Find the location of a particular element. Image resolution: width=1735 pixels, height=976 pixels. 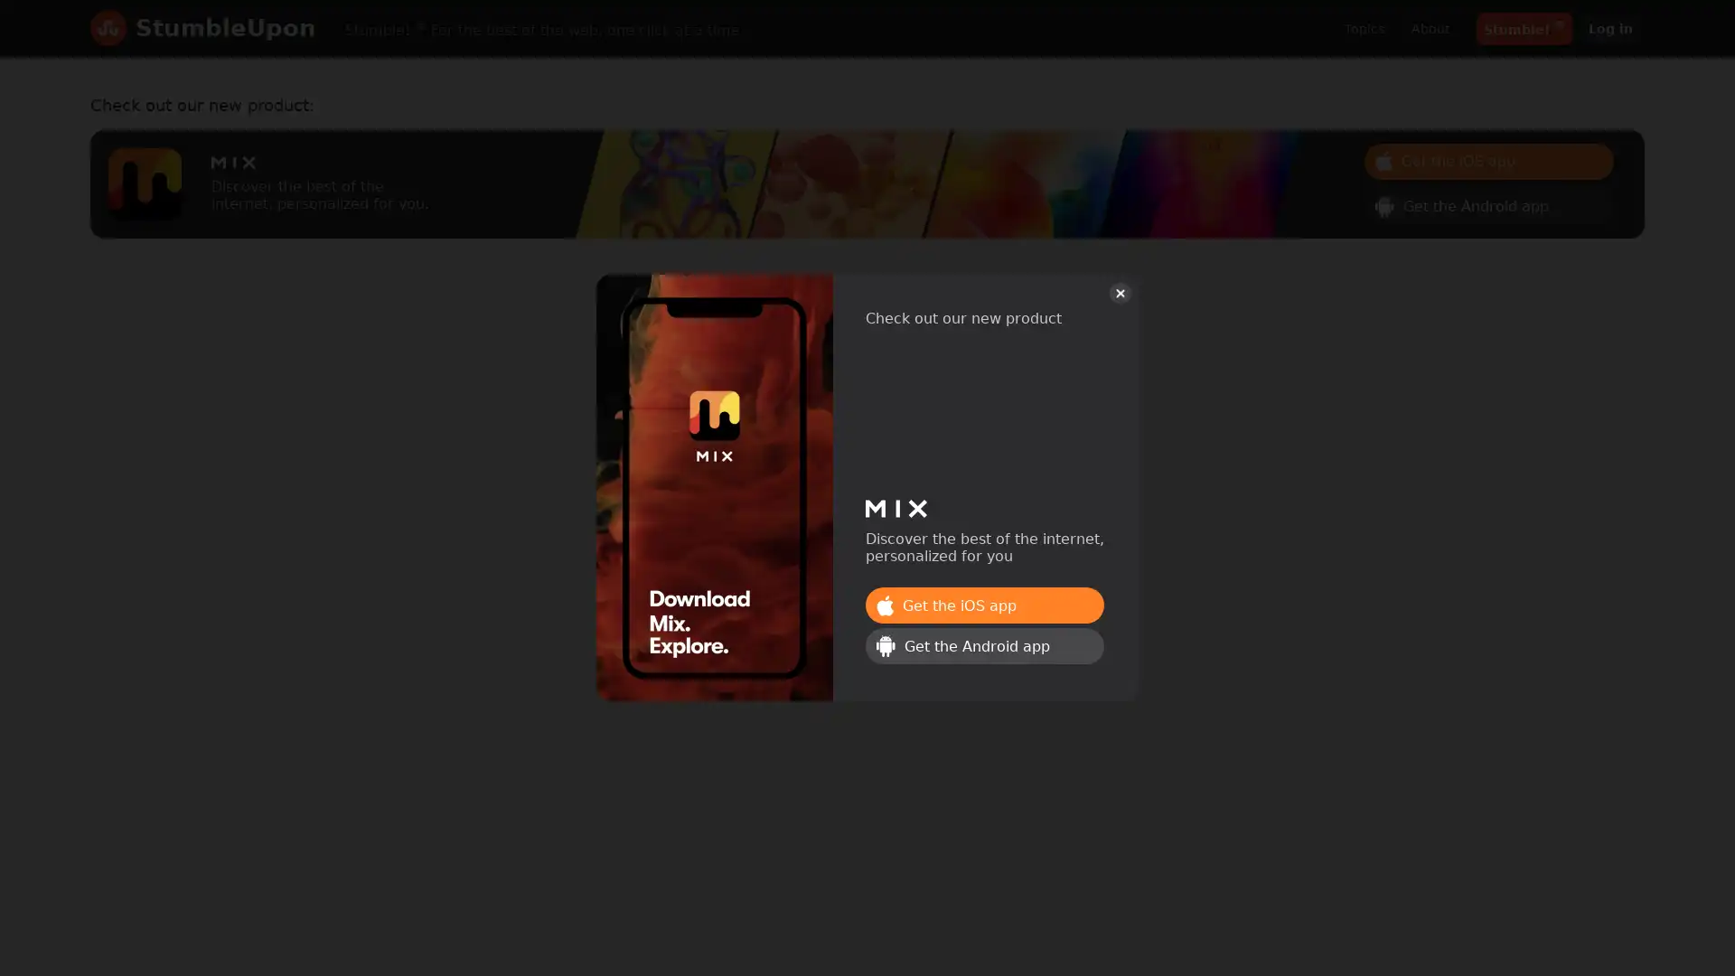

Header Image 1 Get the Android app is located at coordinates (1488, 204).